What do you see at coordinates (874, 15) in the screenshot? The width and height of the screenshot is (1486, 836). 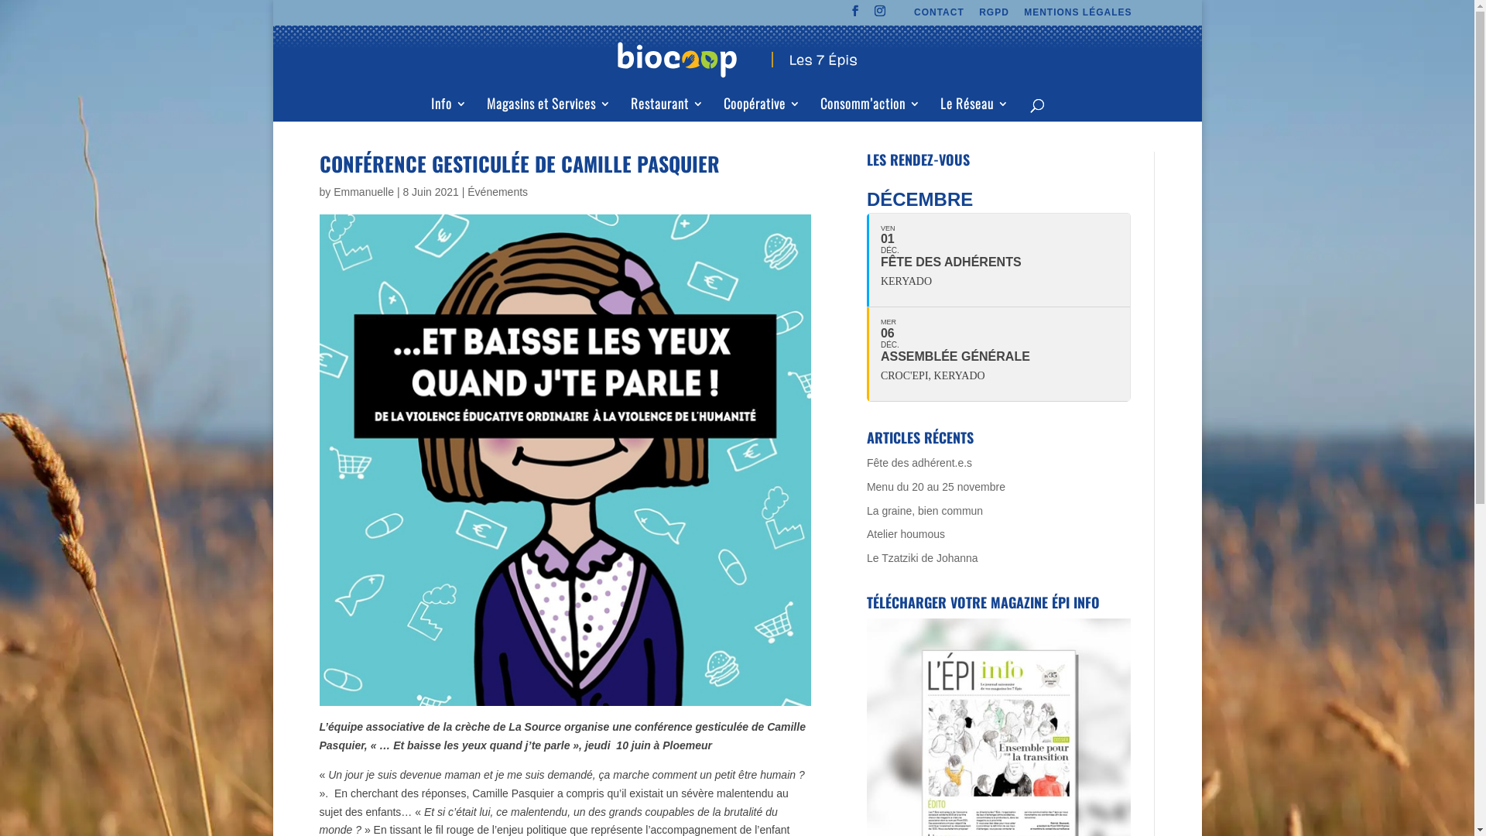 I see `'Lien Instagram alt='` at bounding box center [874, 15].